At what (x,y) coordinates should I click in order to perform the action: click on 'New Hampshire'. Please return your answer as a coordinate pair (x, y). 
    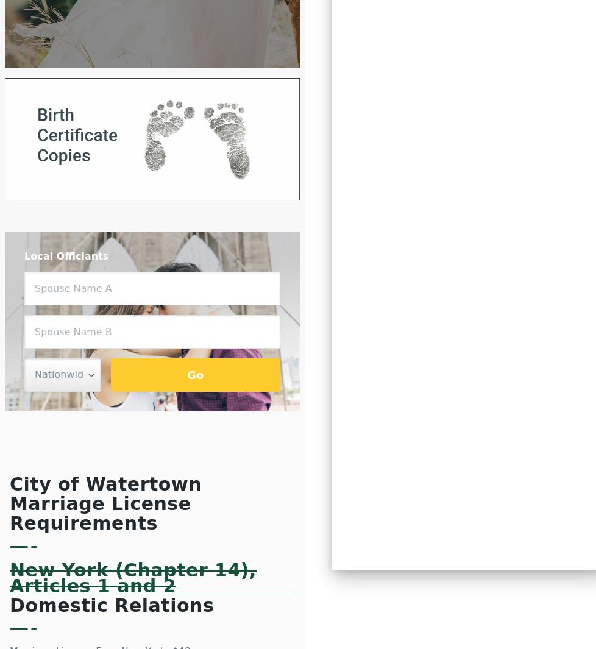
    Looking at the image, I should click on (407, 121).